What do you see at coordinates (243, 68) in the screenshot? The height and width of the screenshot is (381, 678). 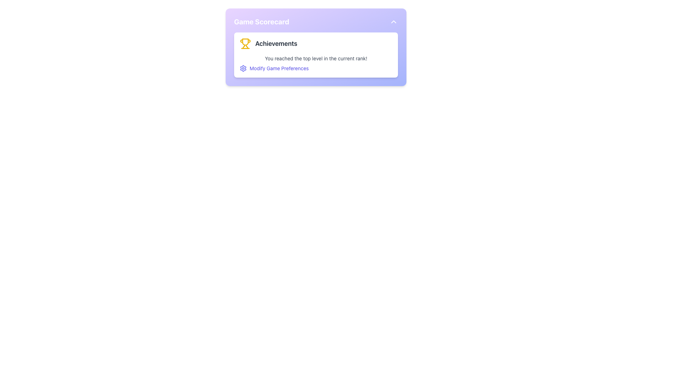 I see `the settings icon located to the left of the 'Modify Game Preferences' label in the lower section of the 'Game Scorecard' card` at bounding box center [243, 68].